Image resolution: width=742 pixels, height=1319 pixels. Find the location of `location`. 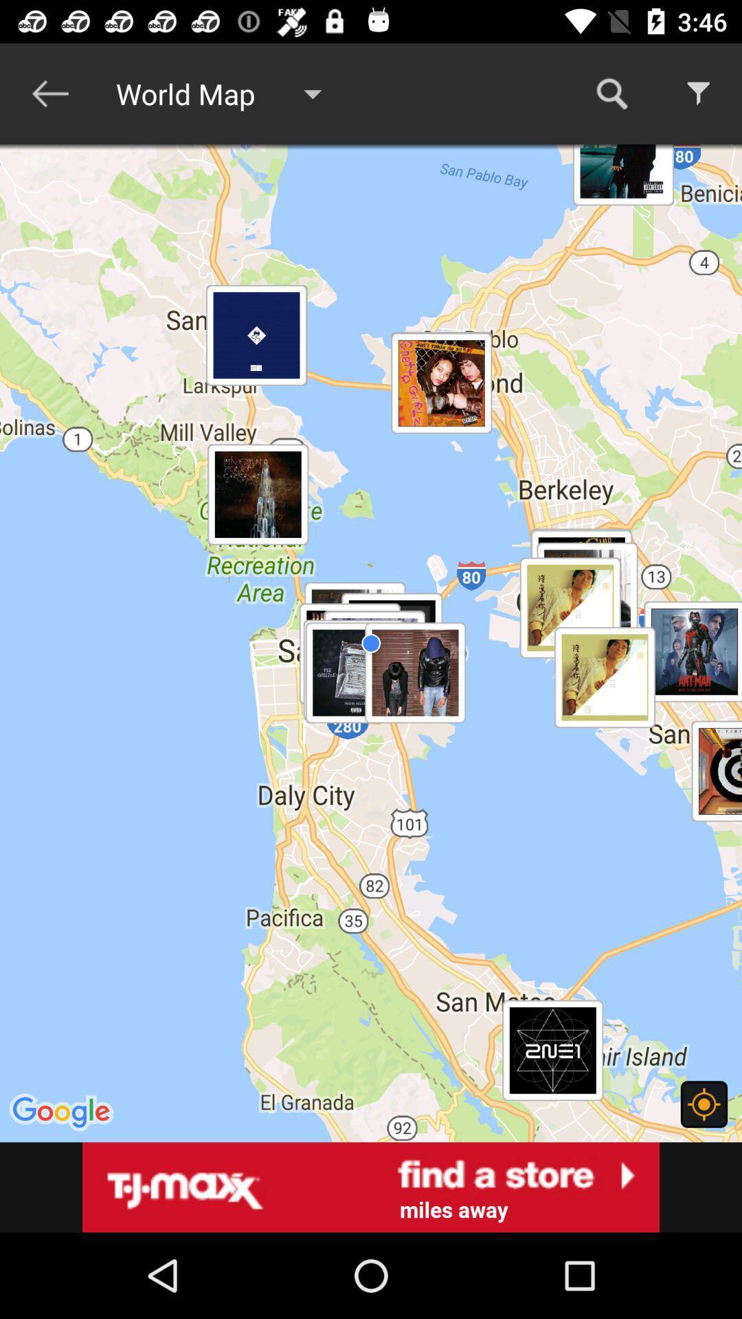

location is located at coordinates (704, 1104).